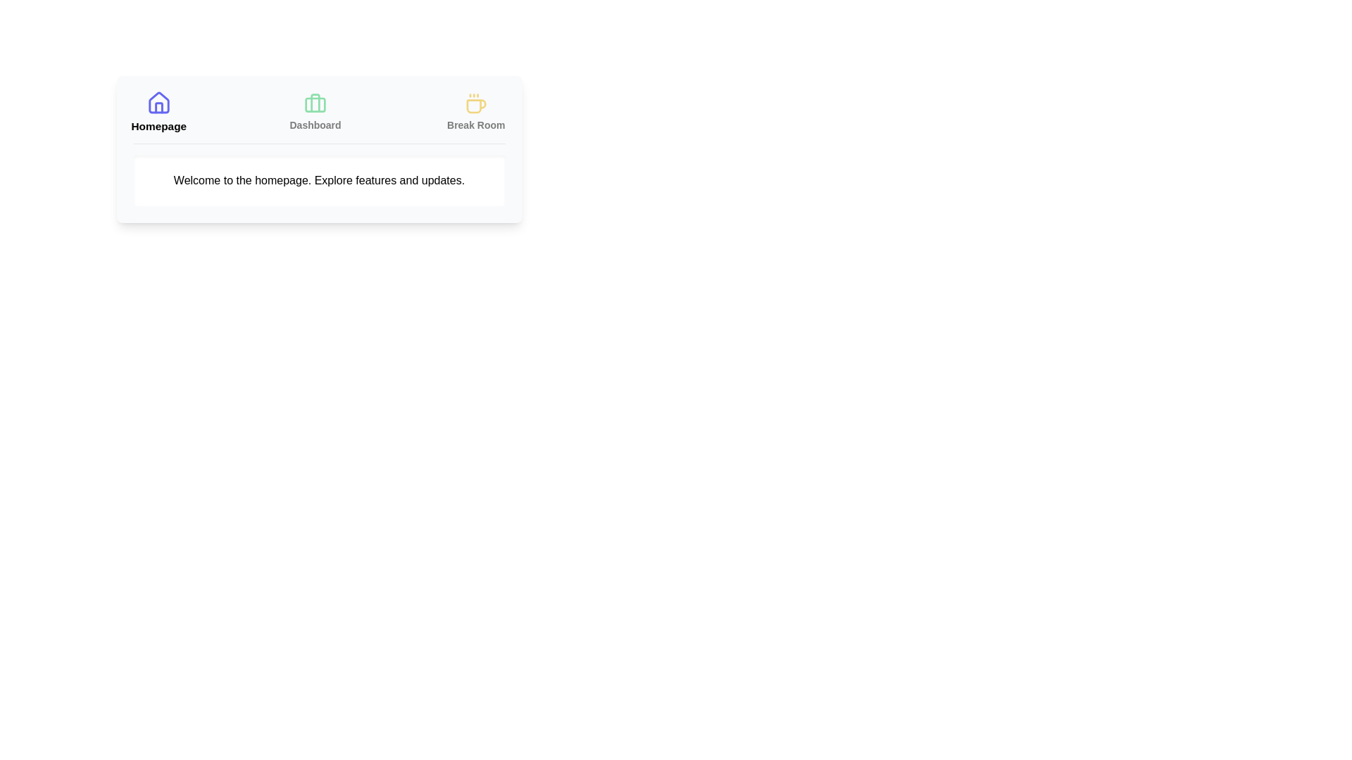  Describe the element at coordinates (476, 111) in the screenshot. I see `the Break Room tab by clicking its corresponding button` at that location.